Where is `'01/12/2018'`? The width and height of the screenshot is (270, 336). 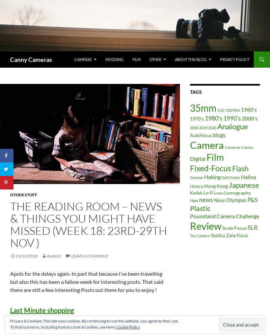
'01/12/2018' is located at coordinates (27, 255).